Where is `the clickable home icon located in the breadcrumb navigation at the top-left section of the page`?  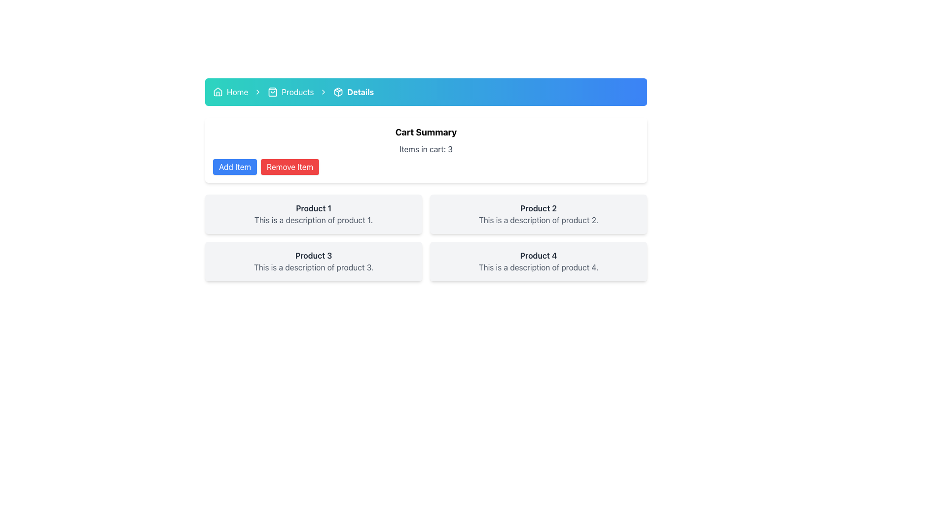 the clickable home icon located in the breadcrumb navigation at the top-left section of the page is located at coordinates (217, 91).